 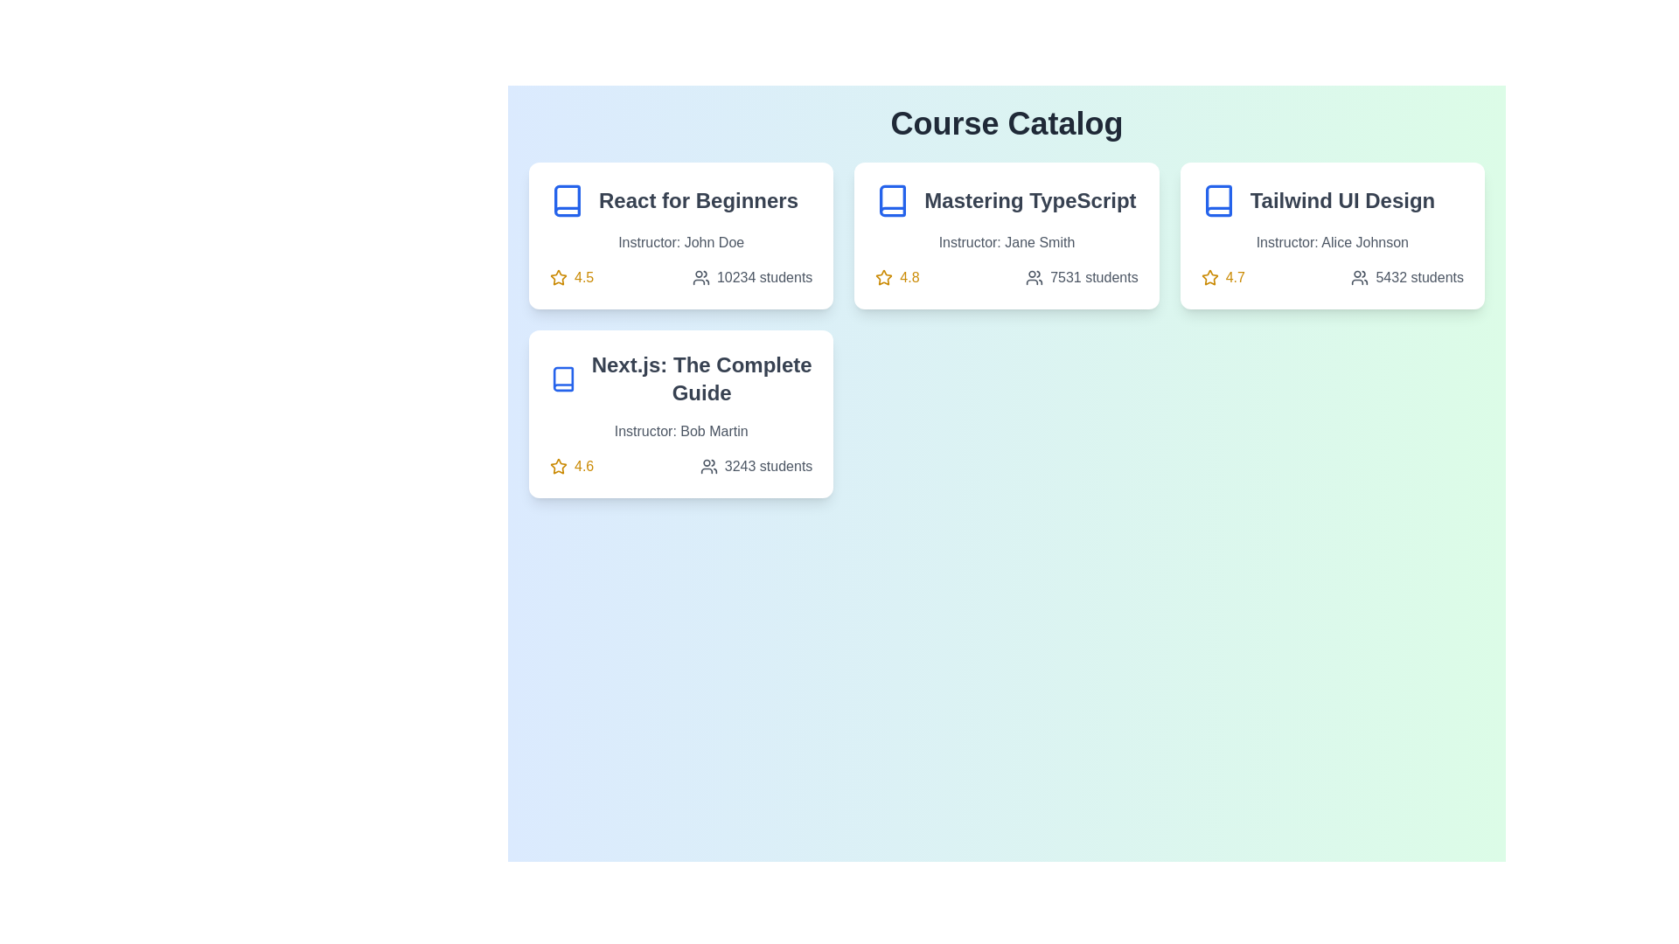 I want to click on the rating value displayed at the bottom-left corner of the 'React for Beginners' course card, so click(x=572, y=276).